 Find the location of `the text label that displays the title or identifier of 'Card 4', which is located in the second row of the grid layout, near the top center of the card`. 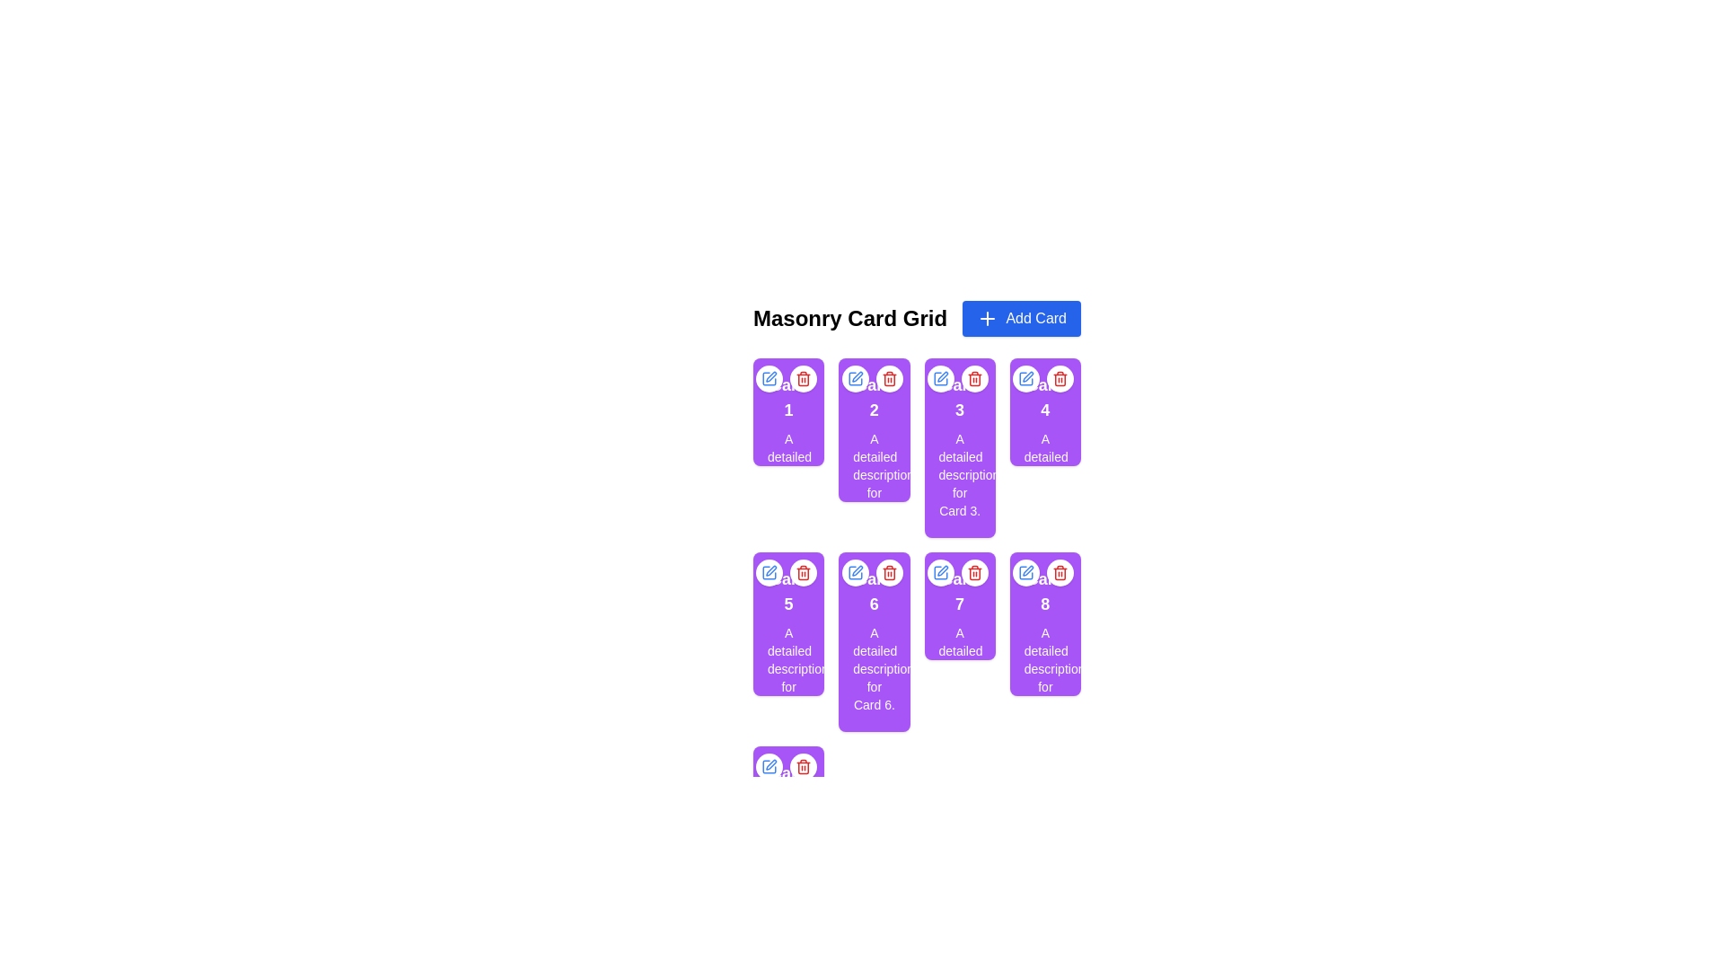

the text label that displays the title or identifier of 'Card 4', which is located in the second row of the grid layout, near the top center of the card is located at coordinates (1045, 397).